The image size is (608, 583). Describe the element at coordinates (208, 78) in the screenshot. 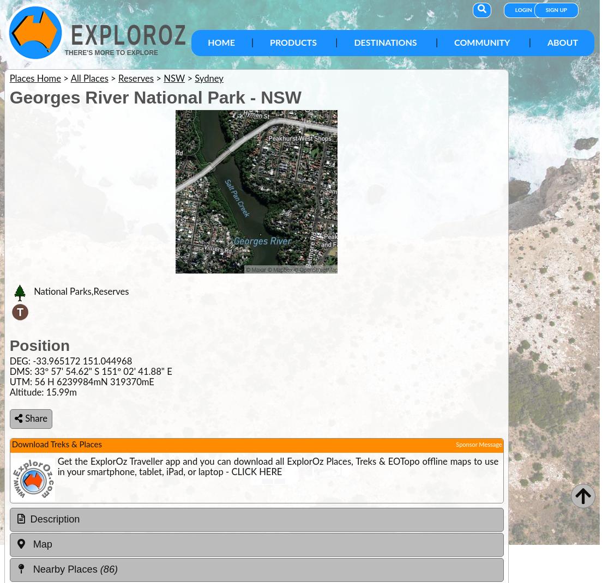

I see `'Sydney'` at that location.